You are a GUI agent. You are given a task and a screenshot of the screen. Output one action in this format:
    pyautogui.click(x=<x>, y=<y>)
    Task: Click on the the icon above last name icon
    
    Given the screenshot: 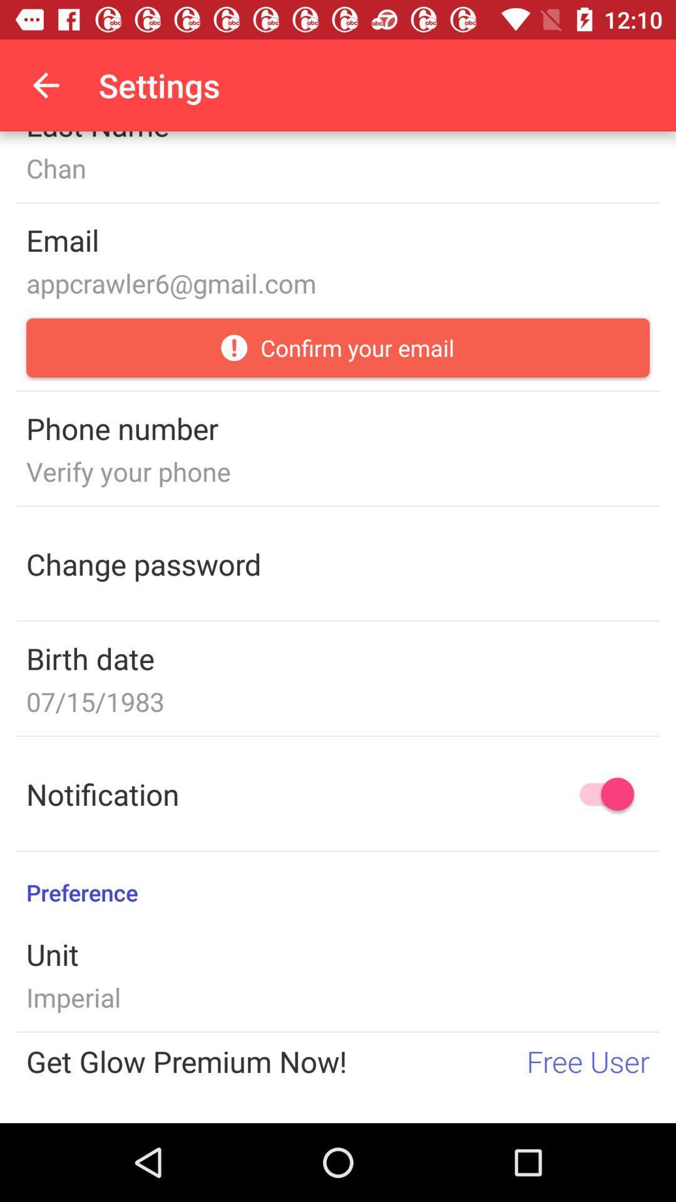 What is the action you would take?
    pyautogui.click(x=45, y=85)
    